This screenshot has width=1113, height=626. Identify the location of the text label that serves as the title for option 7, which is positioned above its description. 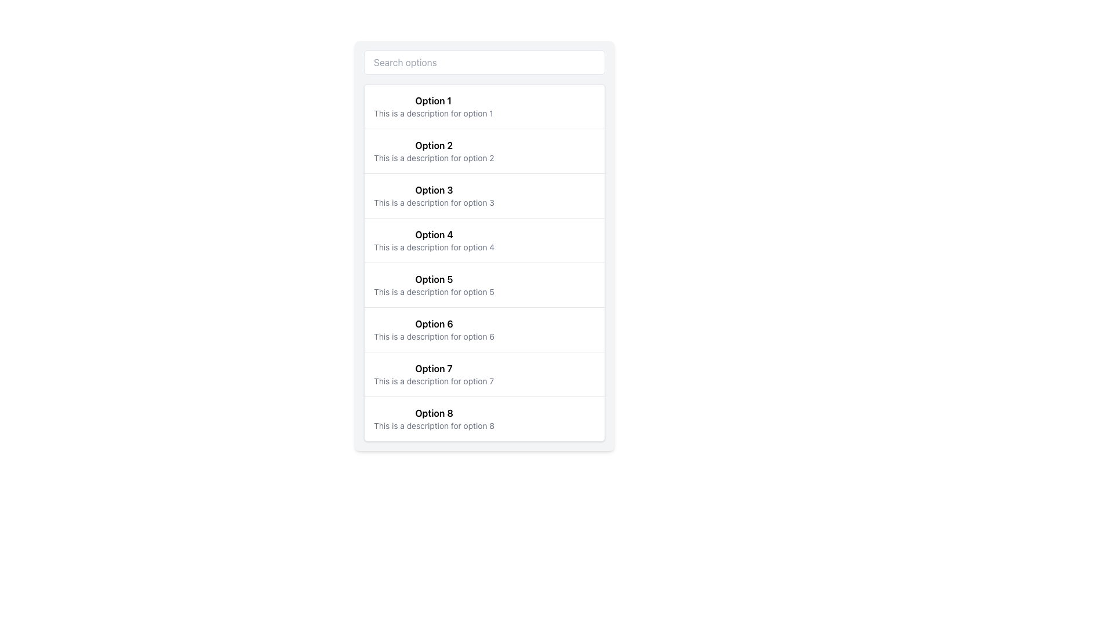
(433, 369).